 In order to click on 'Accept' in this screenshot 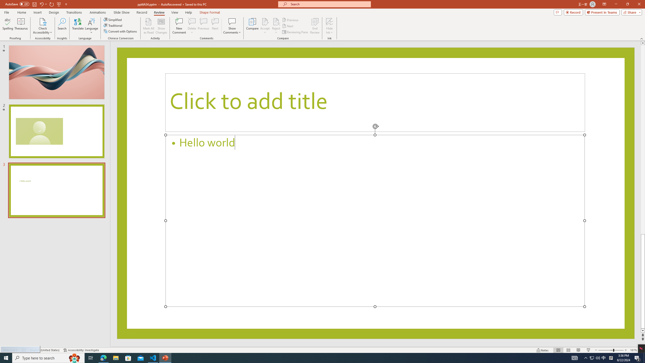, I will do `click(265, 26)`.